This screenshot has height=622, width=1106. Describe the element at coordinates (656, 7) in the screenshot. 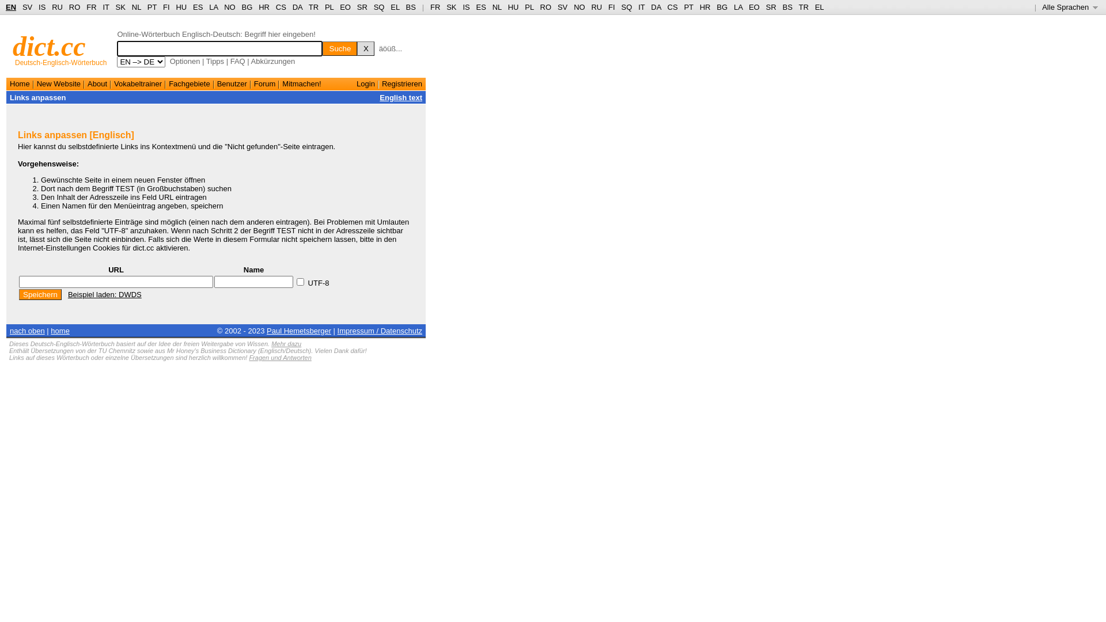

I see `'DA'` at that location.